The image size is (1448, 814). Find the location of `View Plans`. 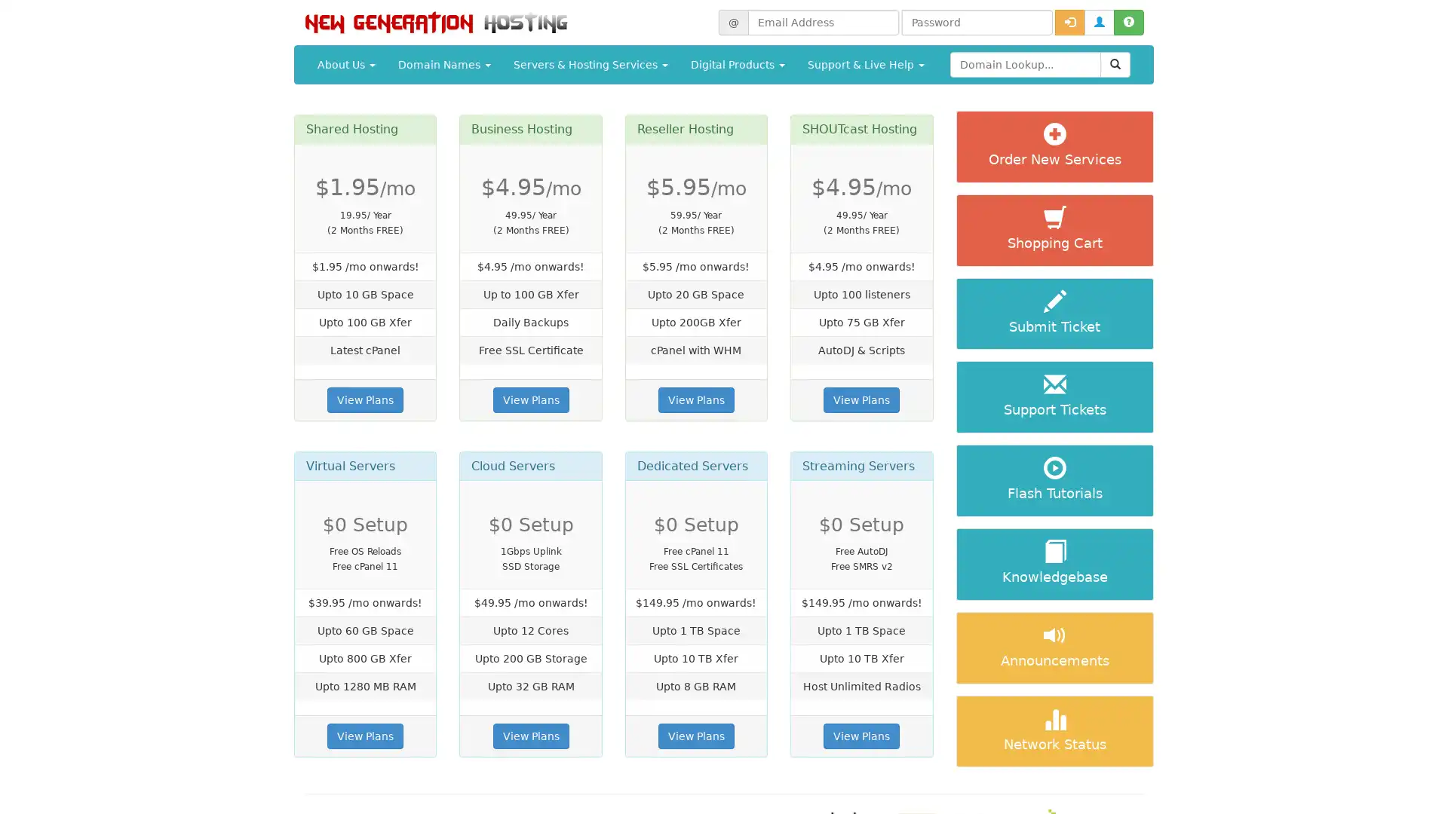

View Plans is located at coordinates (695, 735).